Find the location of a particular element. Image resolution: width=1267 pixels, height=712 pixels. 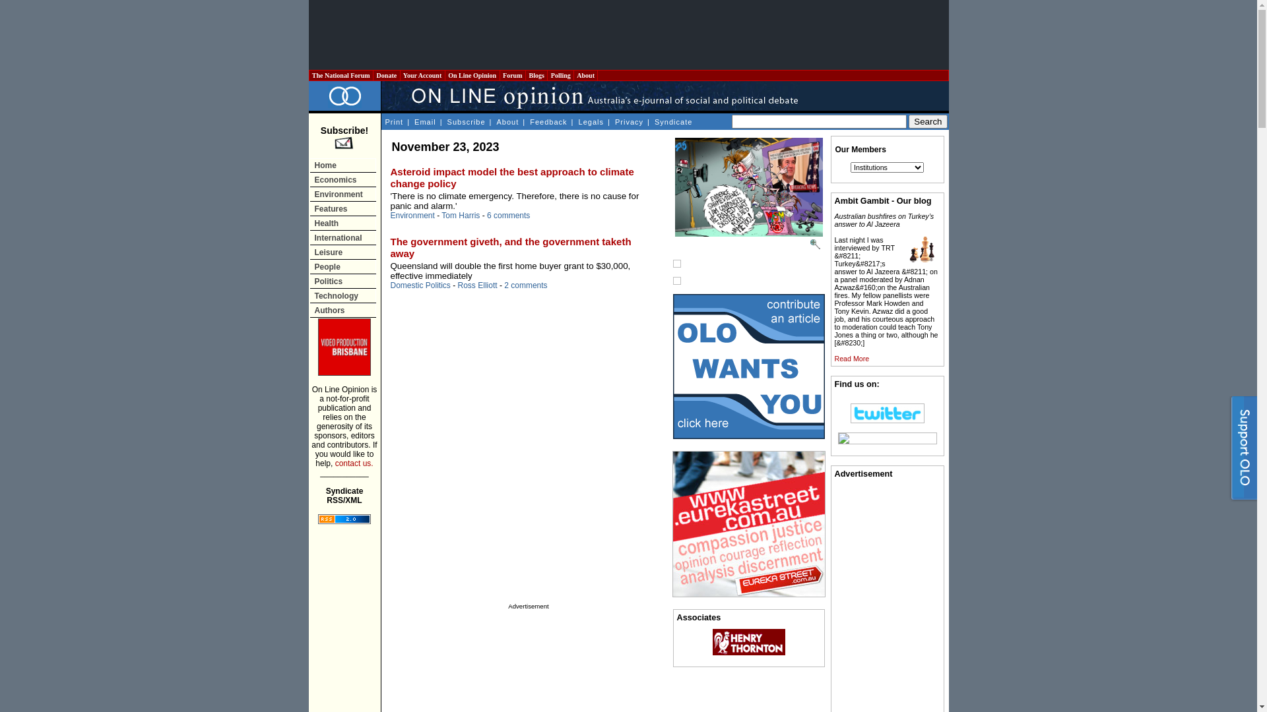

'Support Us!' is located at coordinates (1227, 451).